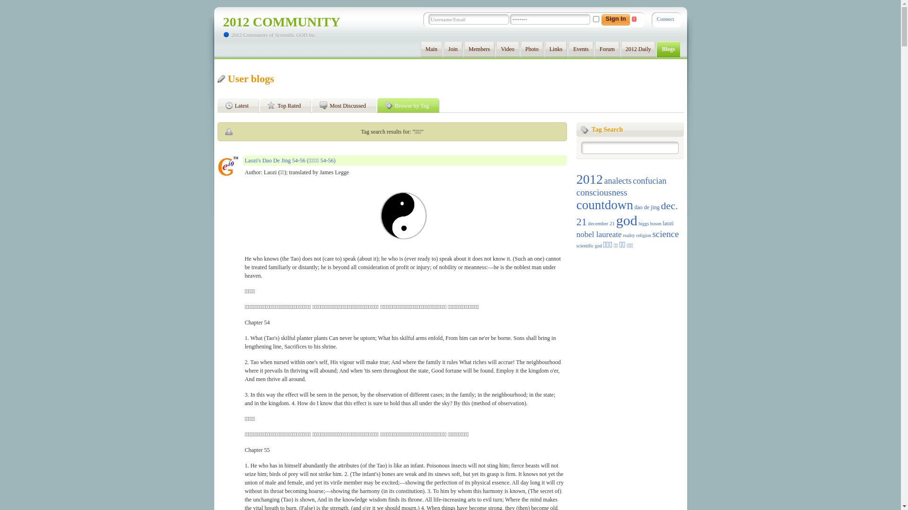 Image resolution: width=908 pixels, height=510 pixels. What do you see at coordinates (634, 19) in the screenshot?
I see `'?'` at bounding box center [634, 19].